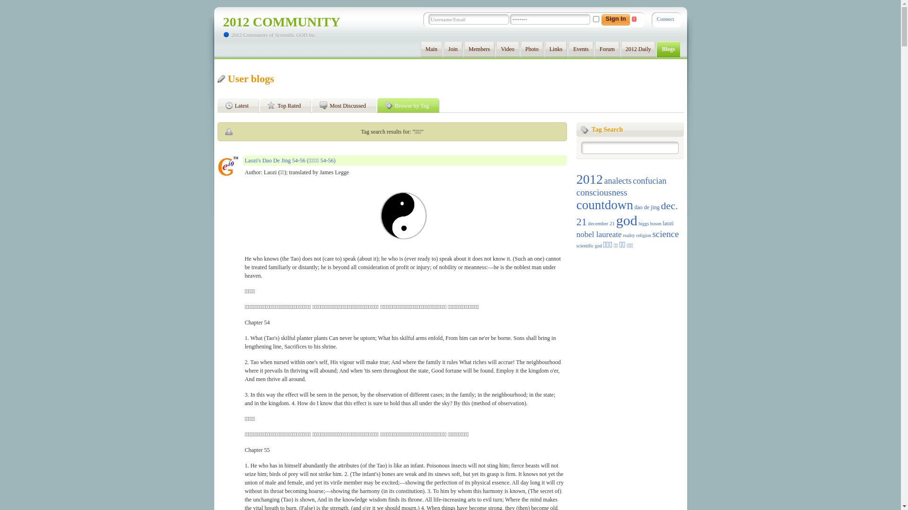 Image resolution: width=908 pixels, height=510 pixels. What do you see at coordinates (634, 19) in the screenshot?
I see `'?'` at bounding box center [634, 19].